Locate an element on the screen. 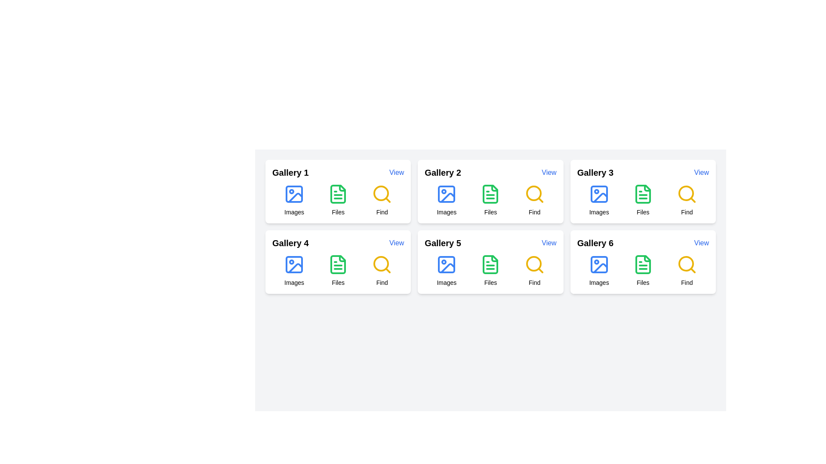 The height and width of the screenshot is (464, 826). the icon resembling a simplified image placeholder with a mountain and sun motif, styled in blue, within the card labeled 'Gallery 4', located on the leftmost side of the second row above the 'Images' label is located at coordinates (294, 264).